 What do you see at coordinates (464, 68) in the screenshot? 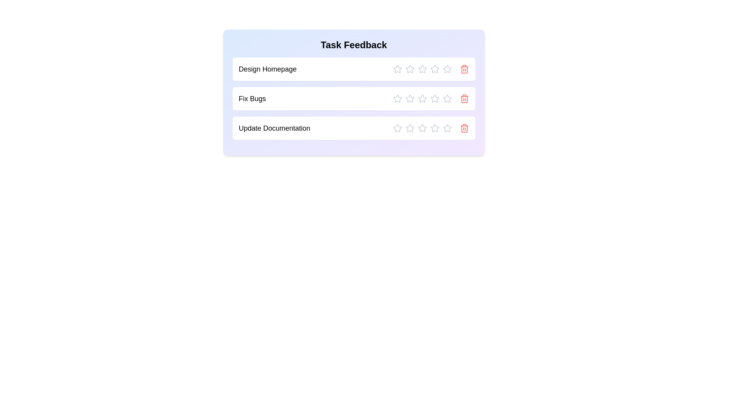
I see `delete icon for the task named Design Homepage` at bounding box center [464, 68].